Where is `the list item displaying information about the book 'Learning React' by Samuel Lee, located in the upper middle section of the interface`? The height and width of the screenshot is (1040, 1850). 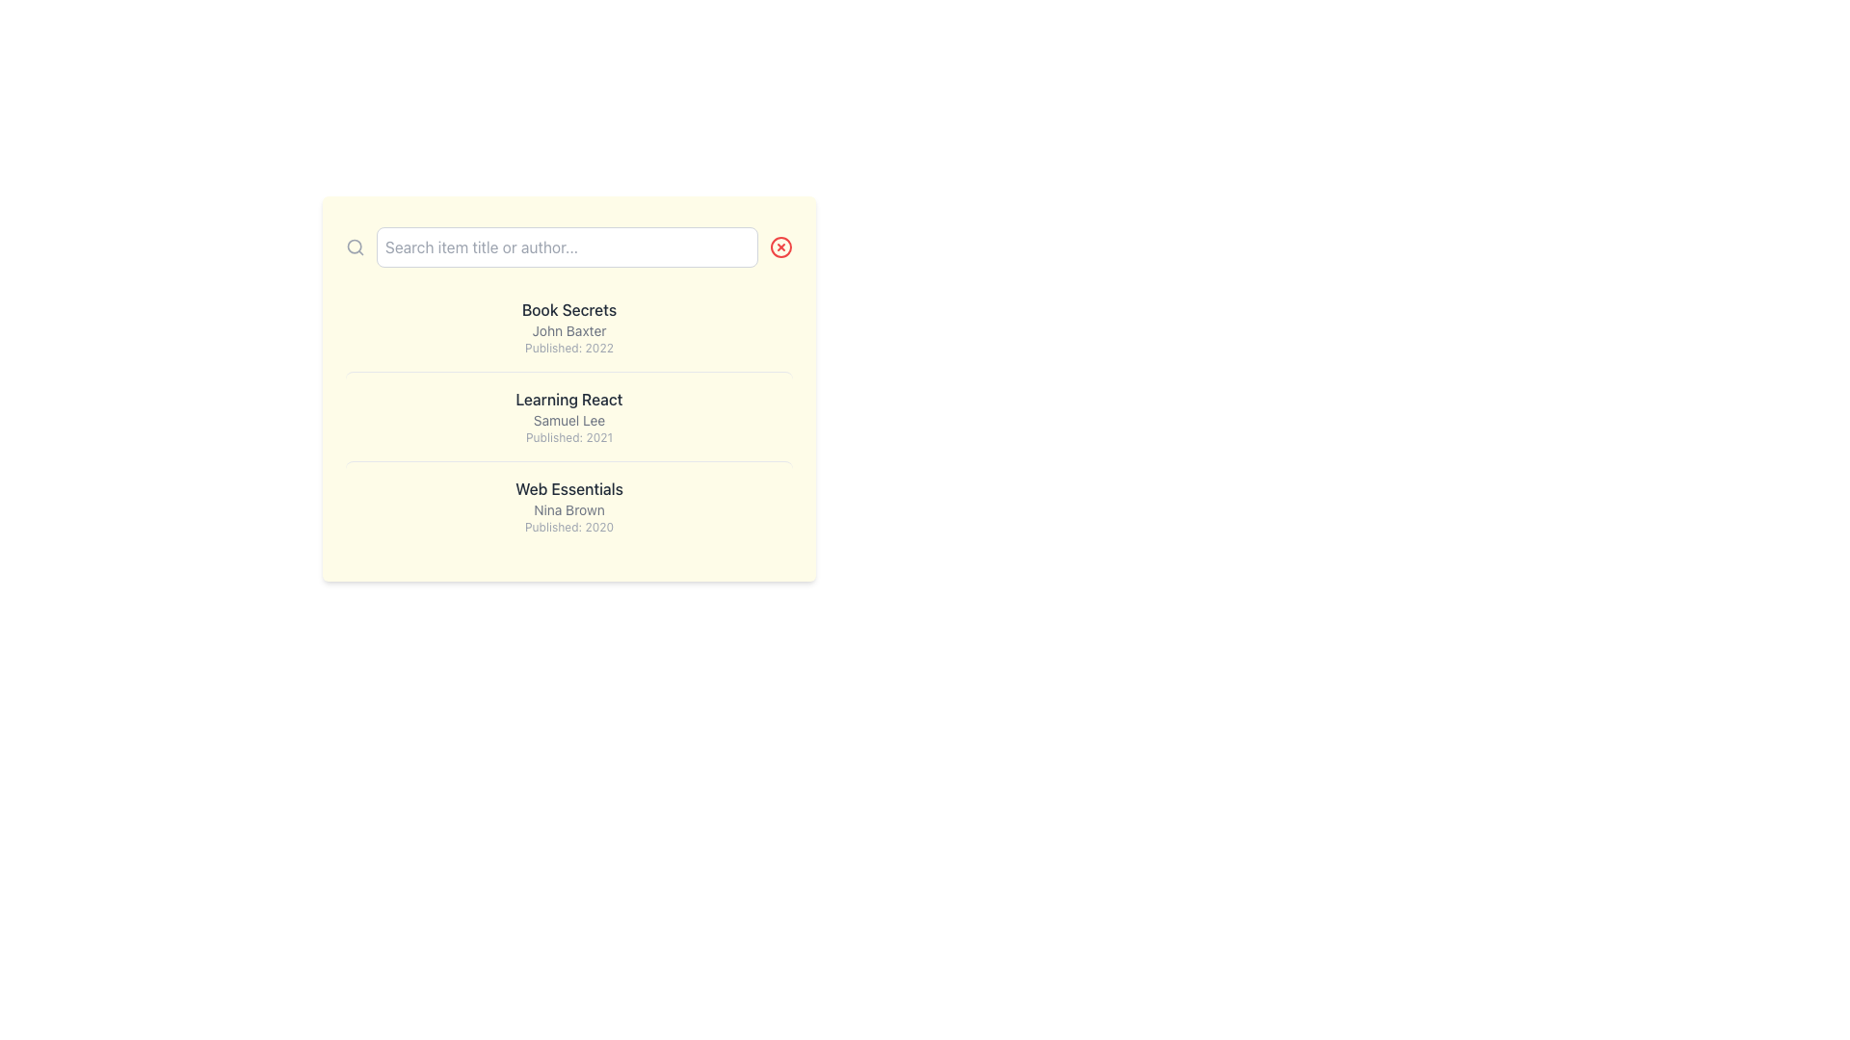 the list item displaying information about the book 'Learning React' by Samuel Lee, located in the upper middle section of the interface is located at coordinates (568, 389).